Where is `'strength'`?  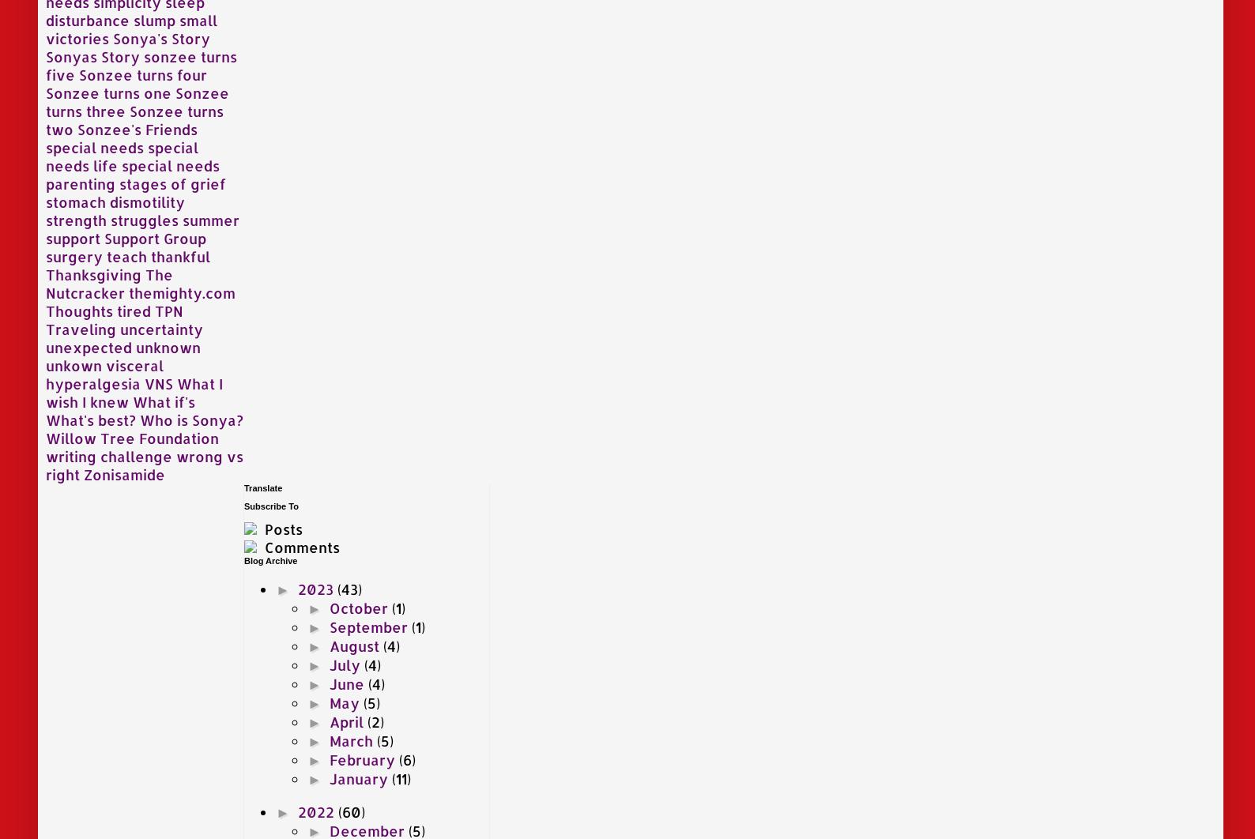 'strength' is located at coordinates (76, 218).